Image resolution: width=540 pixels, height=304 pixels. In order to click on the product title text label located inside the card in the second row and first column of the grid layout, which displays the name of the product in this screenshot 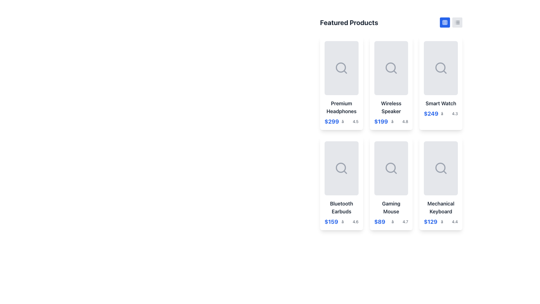, I will do `click(341, 207)`.